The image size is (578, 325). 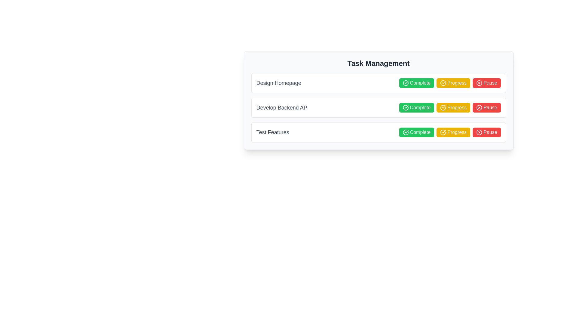 I want to click on the confirmation icon inside the 'Complete' button for the 'Develop Backend API' task to initiate further interaction, so click(x=406, y=107).